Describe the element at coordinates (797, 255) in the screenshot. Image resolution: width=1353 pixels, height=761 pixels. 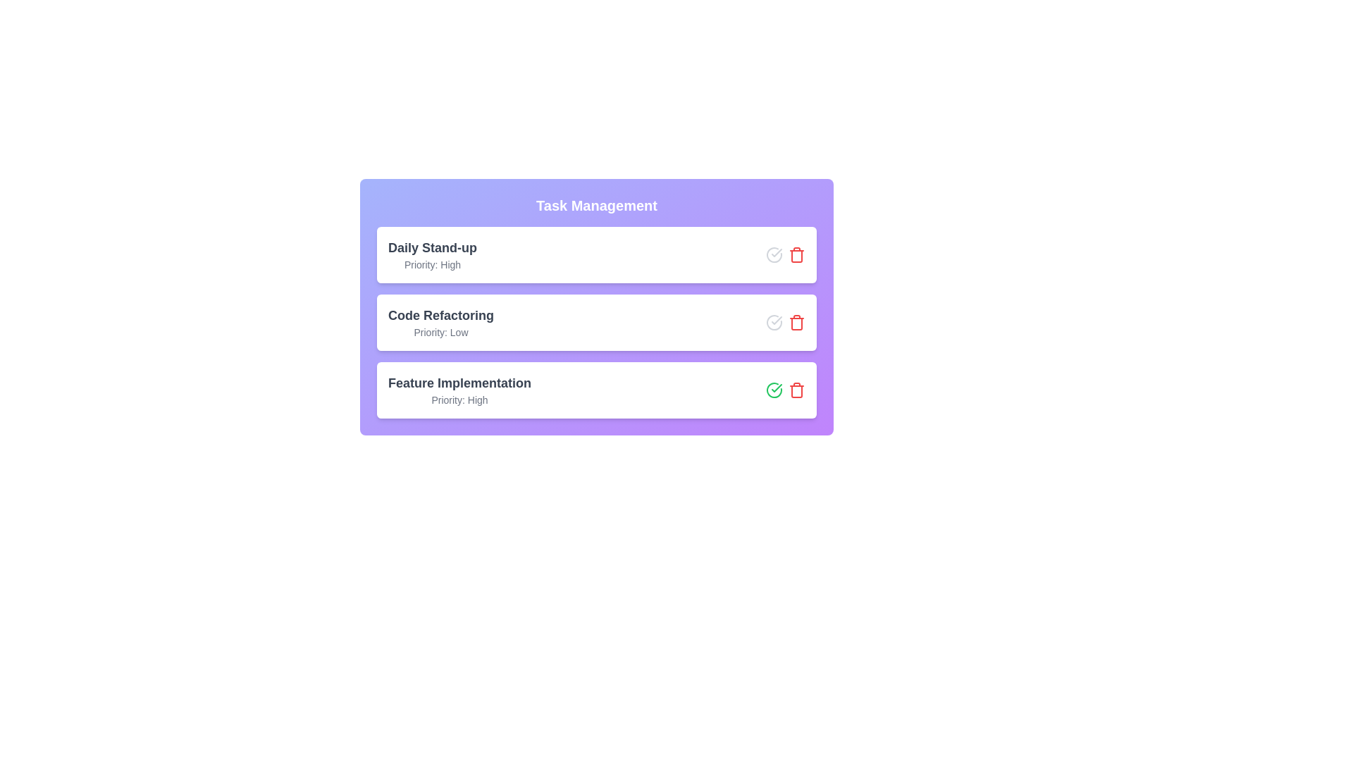
I see `the trash icon to remove the task titled 'Daily Stand-up'` at that location.